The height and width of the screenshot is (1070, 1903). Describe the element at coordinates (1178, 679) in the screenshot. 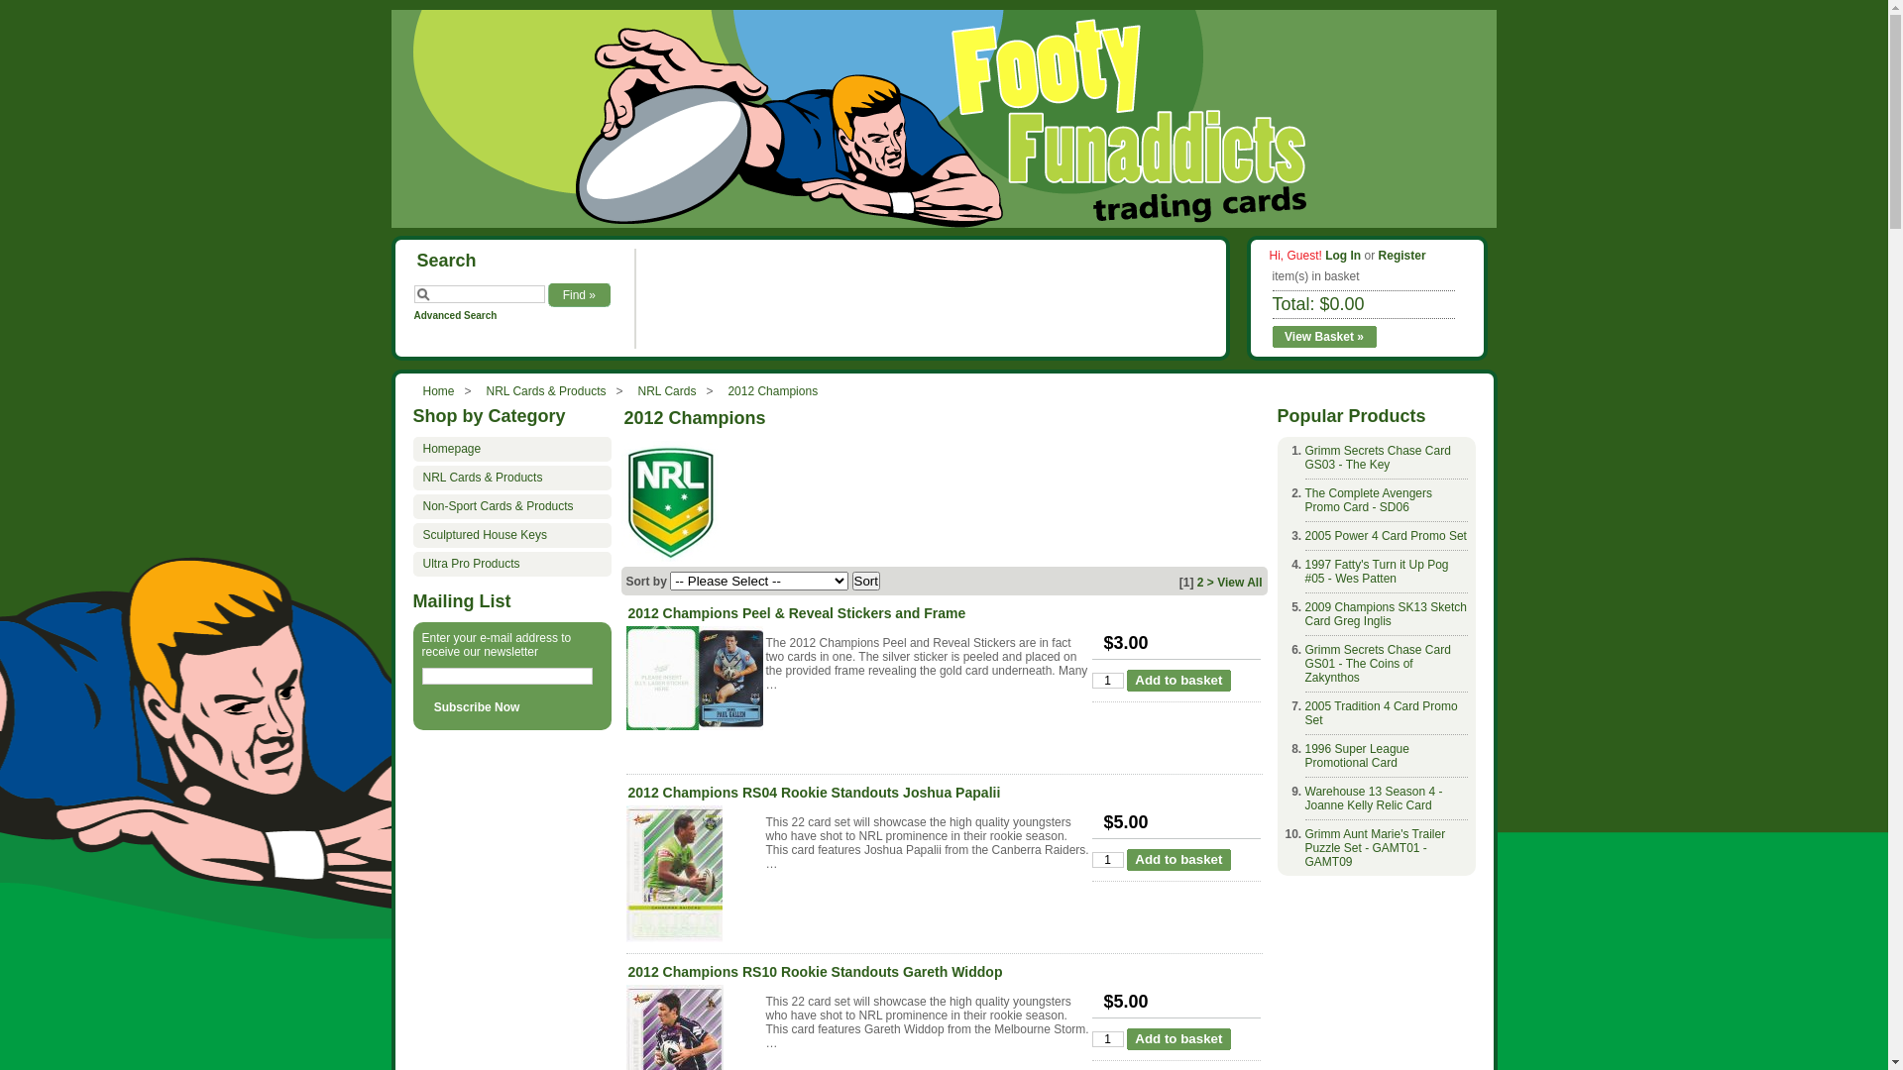

I see `'Add to basket'` at that location.